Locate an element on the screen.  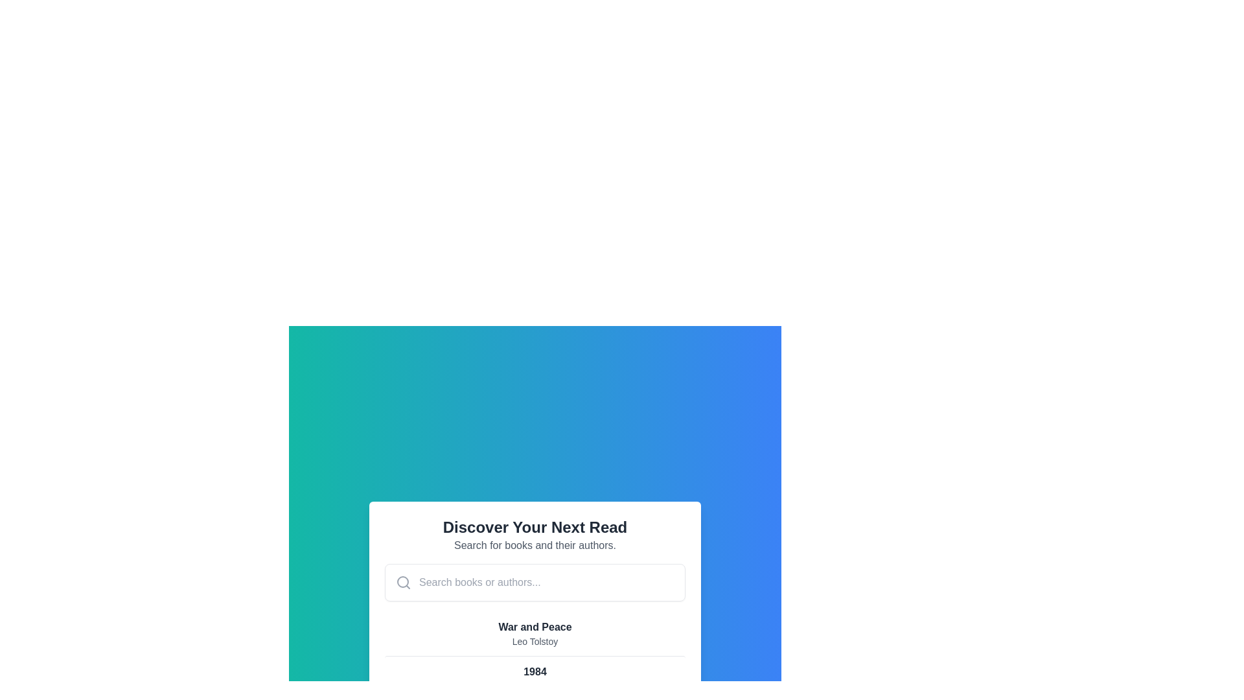
descriptive text element that contains 'Search for books and their authors.' located below the header 'Discover Your Next Read' is located at coordinates (535, 545).